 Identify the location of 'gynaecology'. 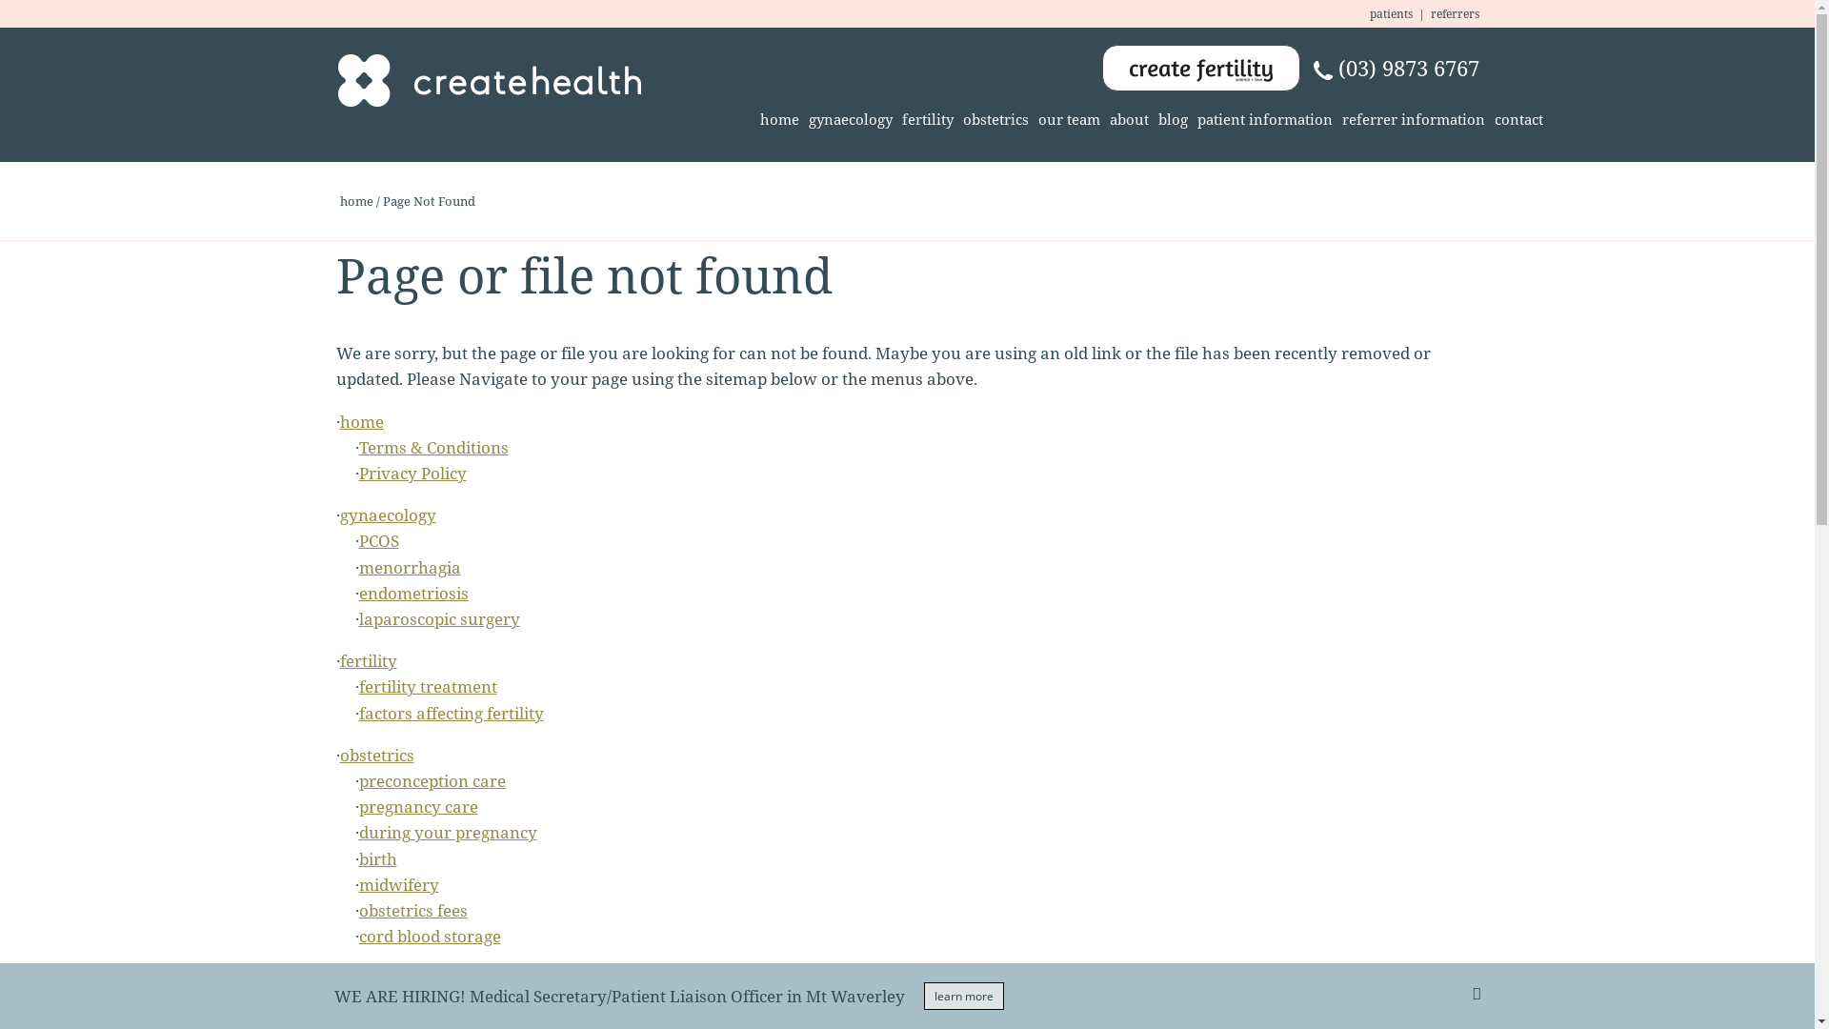
(386, 514).